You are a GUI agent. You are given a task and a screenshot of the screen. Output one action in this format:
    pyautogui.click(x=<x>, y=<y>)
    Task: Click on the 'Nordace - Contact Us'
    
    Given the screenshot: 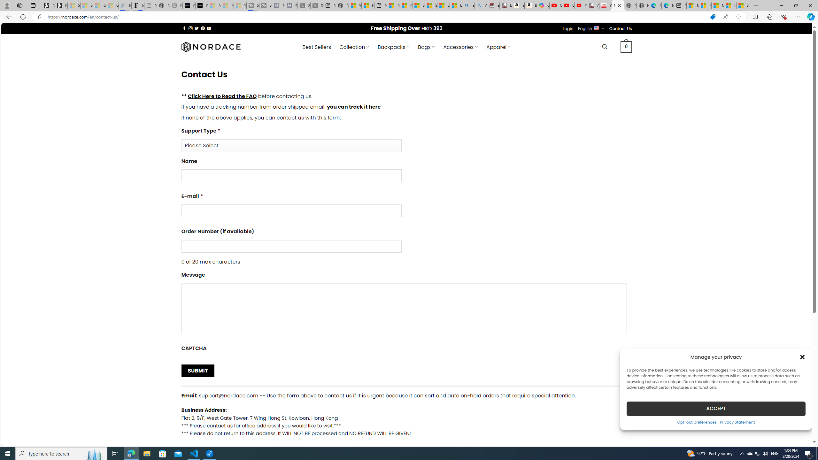 What is the action you would take?
    pyautogui.click(x=618, y=5)
    